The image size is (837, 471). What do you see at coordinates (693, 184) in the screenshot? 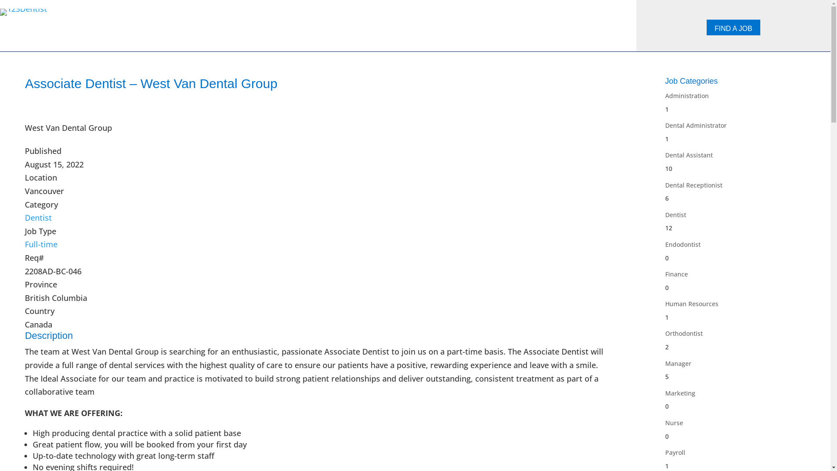
I see `'Dental Receptionist'` at bounding box center [693, 184].